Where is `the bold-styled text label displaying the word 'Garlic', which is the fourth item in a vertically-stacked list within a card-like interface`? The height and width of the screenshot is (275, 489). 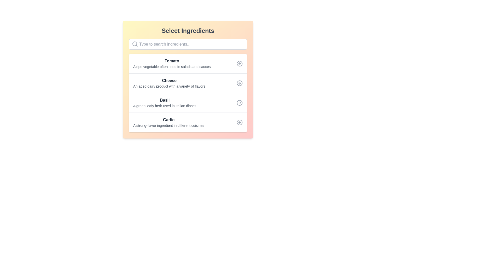
the bold-styled text label displaying the word 'Garlic', which is the fourth item in a vertically-stacked list within a card-like interface is located at coordinates (169, 120).